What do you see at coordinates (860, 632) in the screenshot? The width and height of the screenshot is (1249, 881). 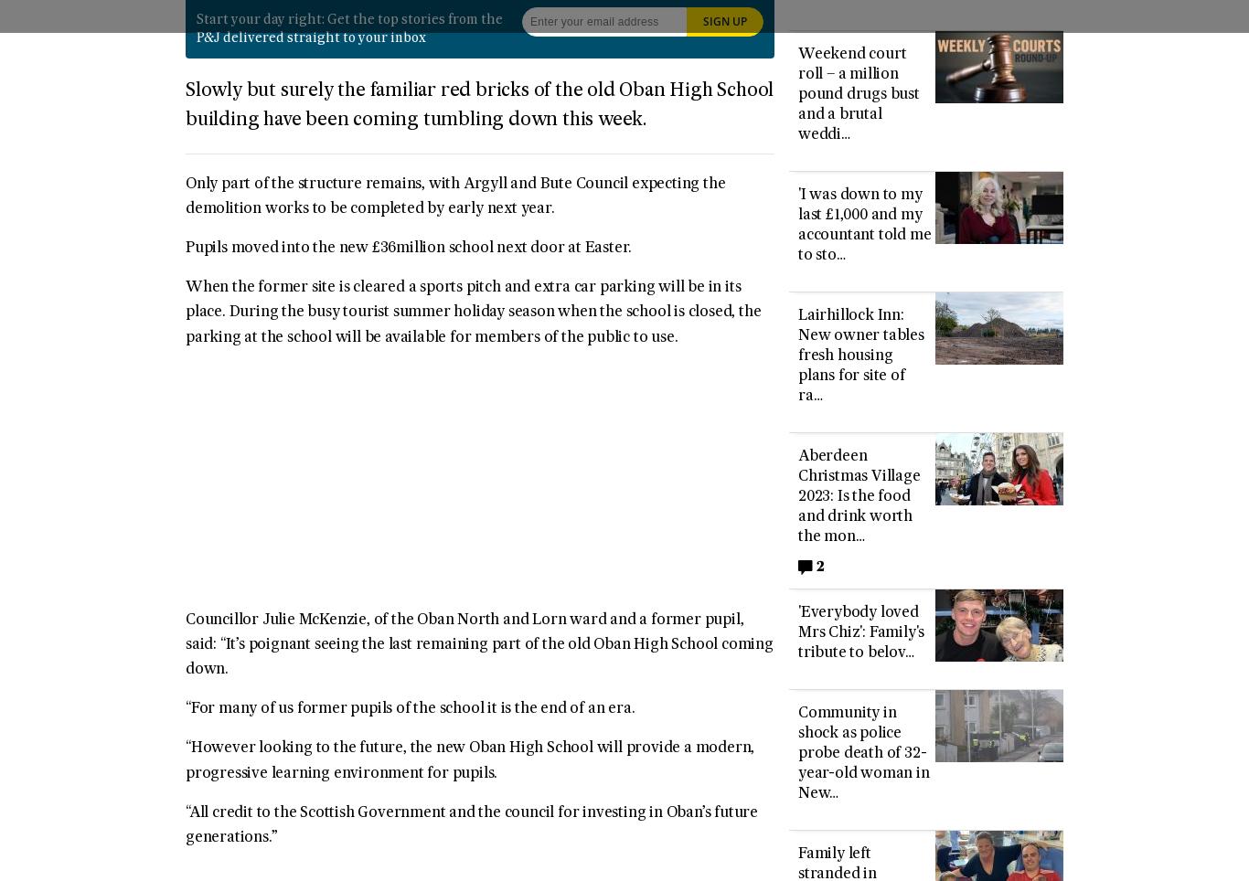 I see `''Everybody loved Mrs Chiz': Family's tribute to belov…'` at bounding box center [860, 632].